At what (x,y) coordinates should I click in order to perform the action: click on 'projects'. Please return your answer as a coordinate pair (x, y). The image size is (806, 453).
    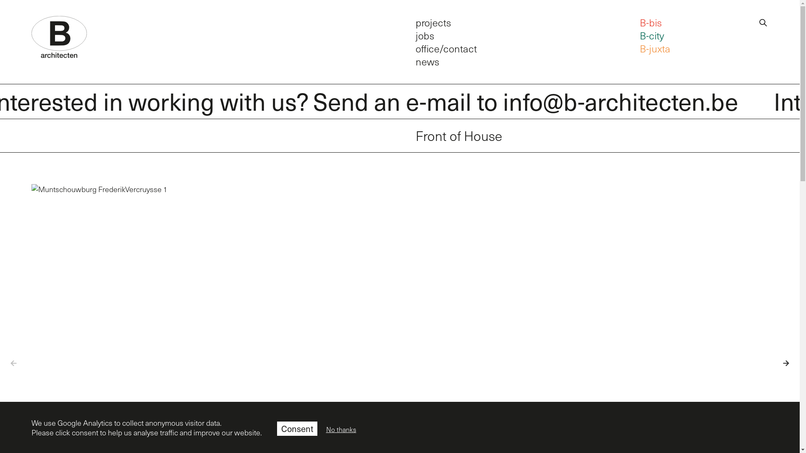
    Looking at the image, I should click on (433, 21).